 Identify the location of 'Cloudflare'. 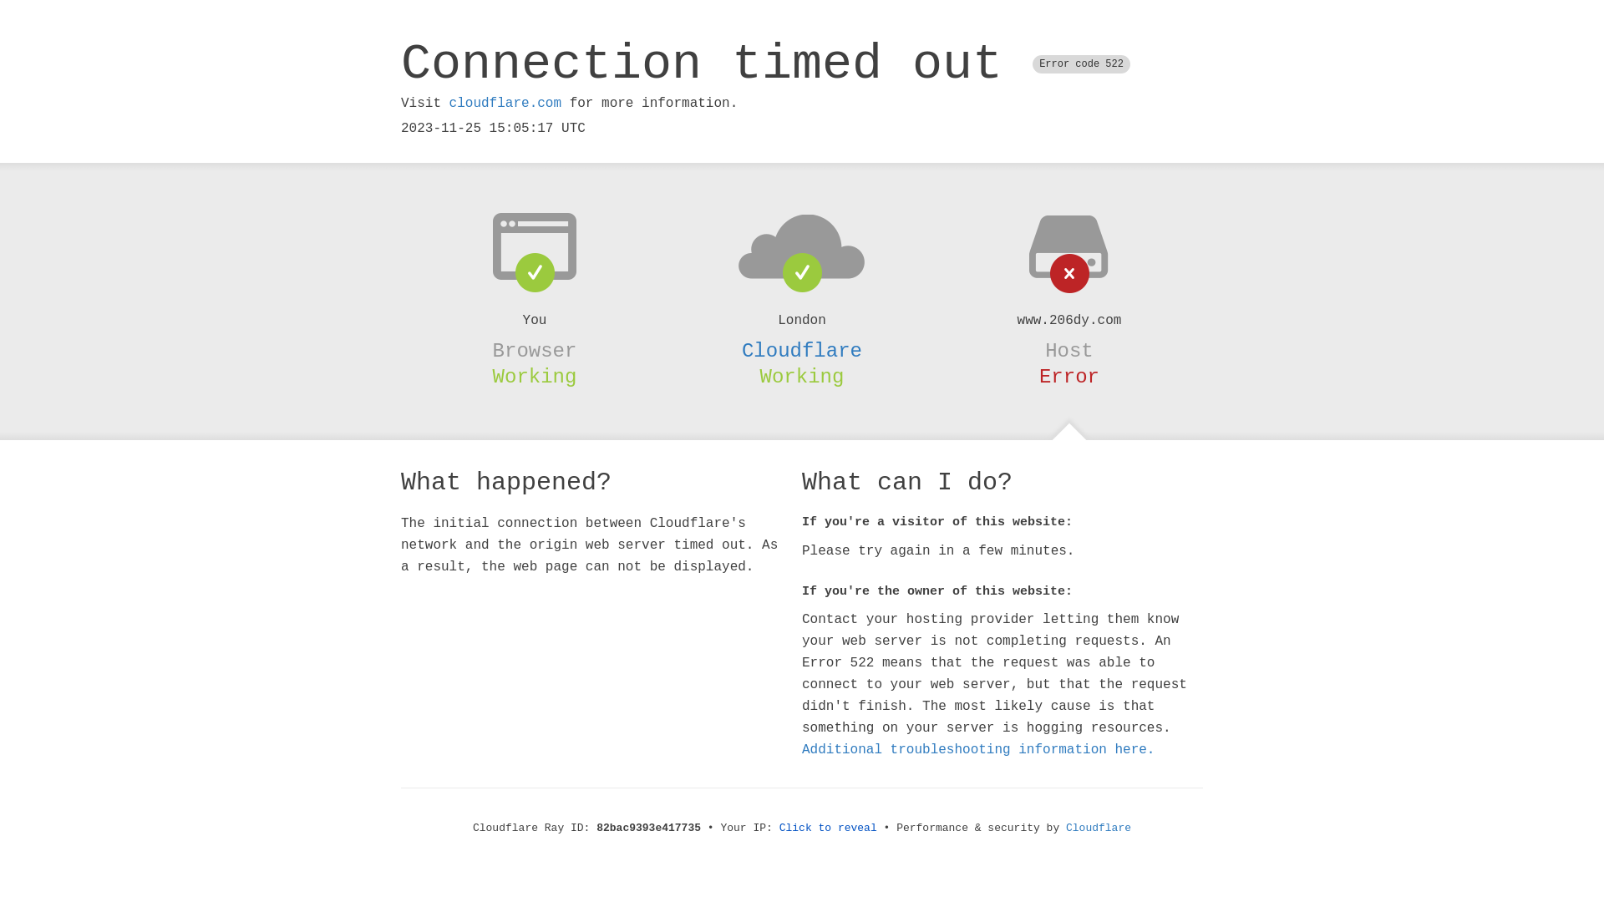
(802, 350).